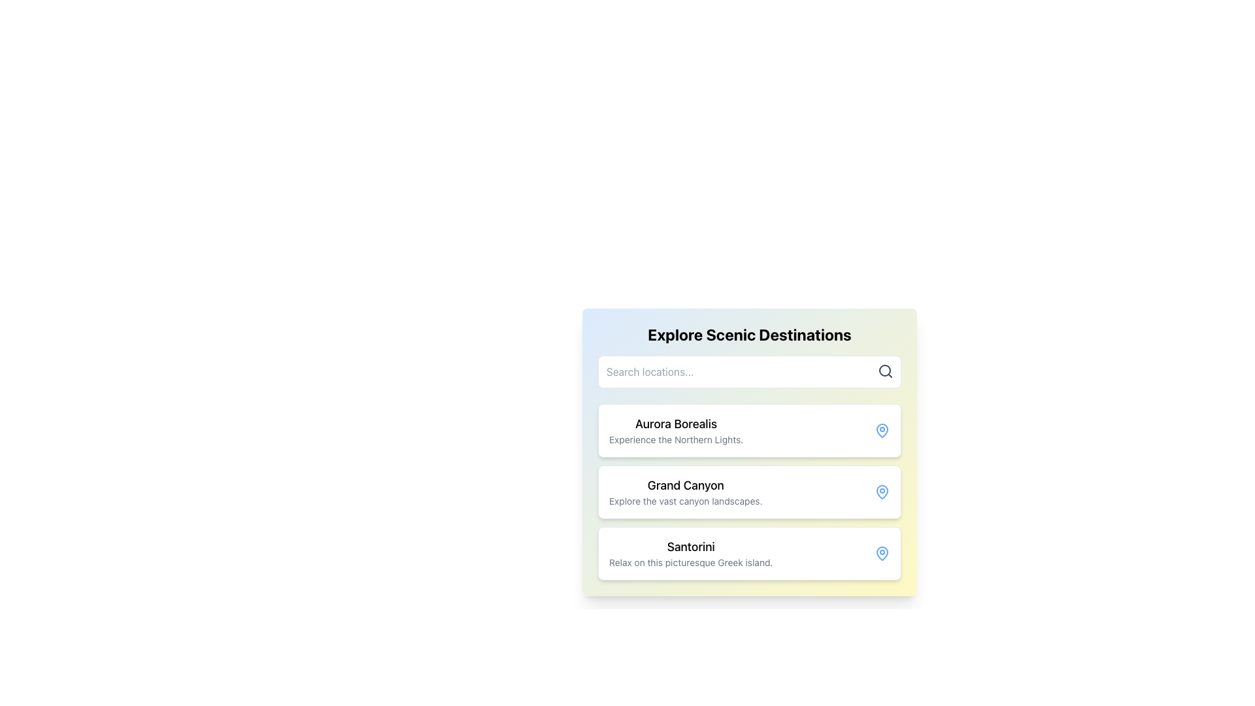 The width and height of the screenshot is (1255, 706). I want to click on text from the label titled 'Aurora Borealis' which includes the subtitle 'Experience the Northern Lights.' located beneath the search bar in the first card of the scenic destinations list, so click(676, 431).